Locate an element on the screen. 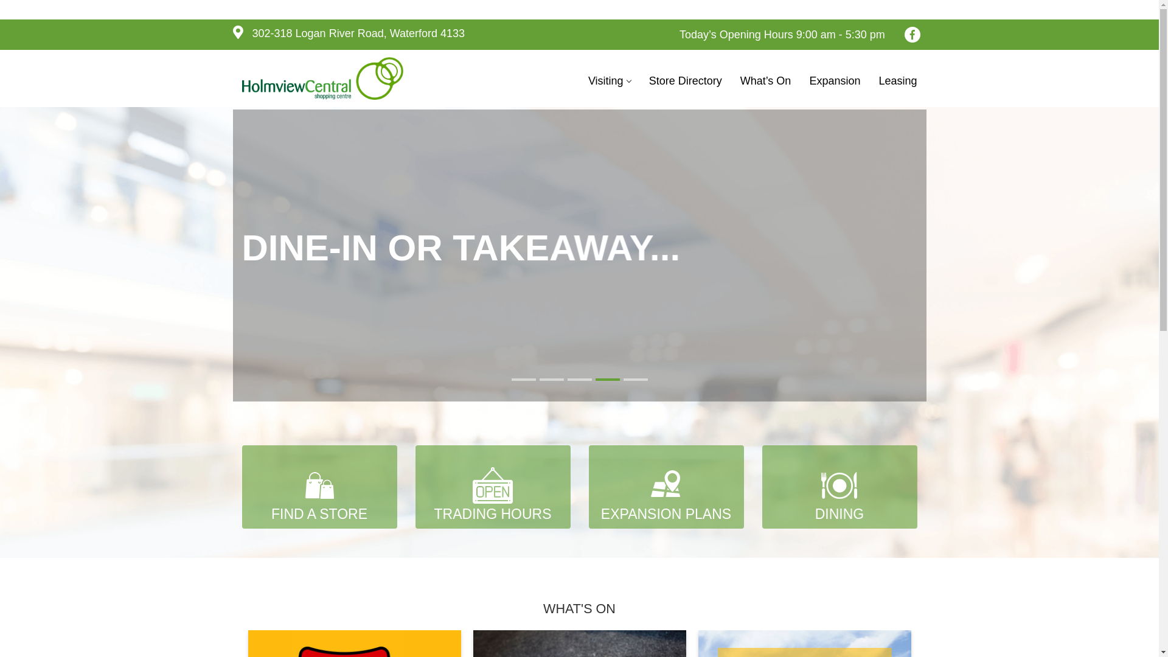  'EXPANSION PLANS' is located at coordinates (666, 486).